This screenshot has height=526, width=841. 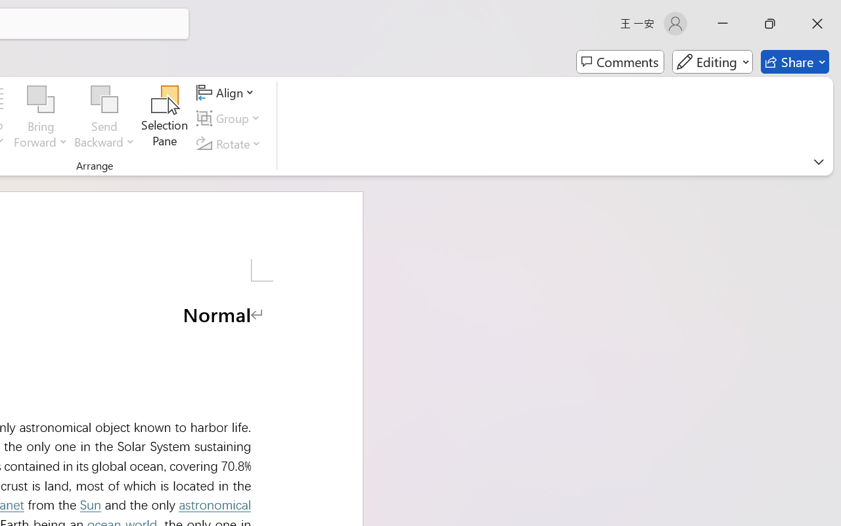 What do you see at coordinates (104, 118) in the screenshot?
I see `'Send Backward'` at bounding box center [104, 118].